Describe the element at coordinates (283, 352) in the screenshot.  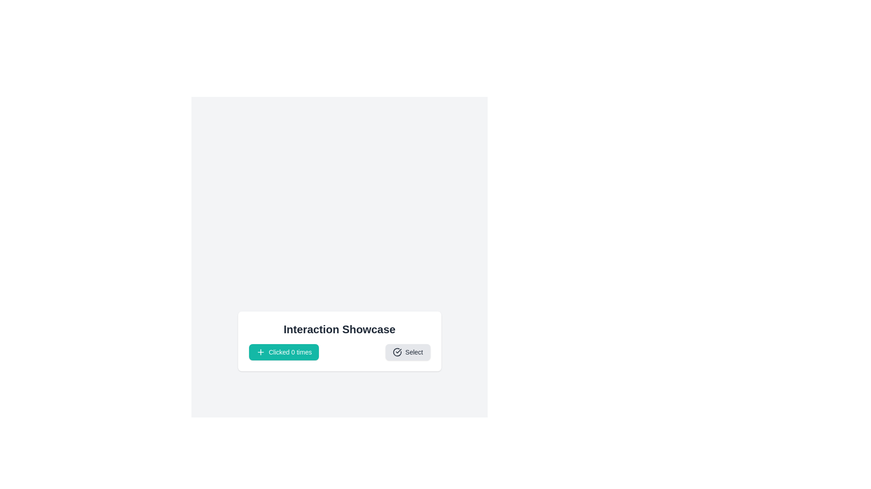
I see `the small rectangular button with a teal background and white plus sign icon labeled 'Clicked 0 times' for visual feedback` at that location.